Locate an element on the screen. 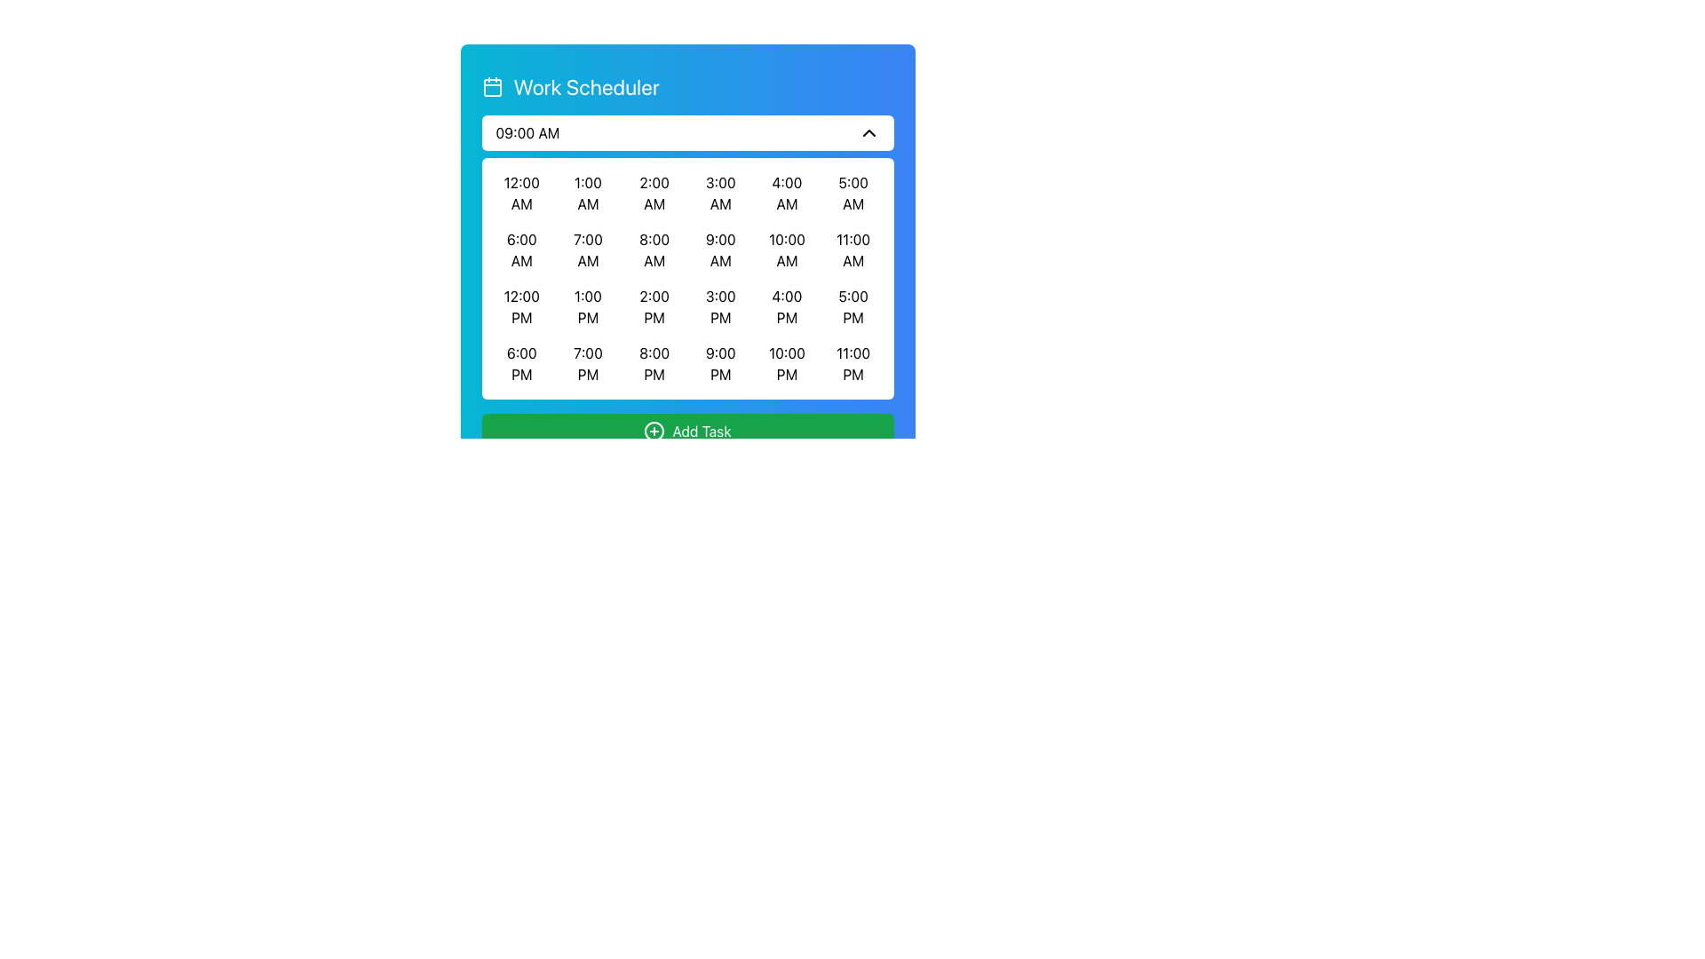 This screenshot has width=1705, height=959. the button labeled '12:00 PM' in the time selection interface is located at coordinates (520, 306).